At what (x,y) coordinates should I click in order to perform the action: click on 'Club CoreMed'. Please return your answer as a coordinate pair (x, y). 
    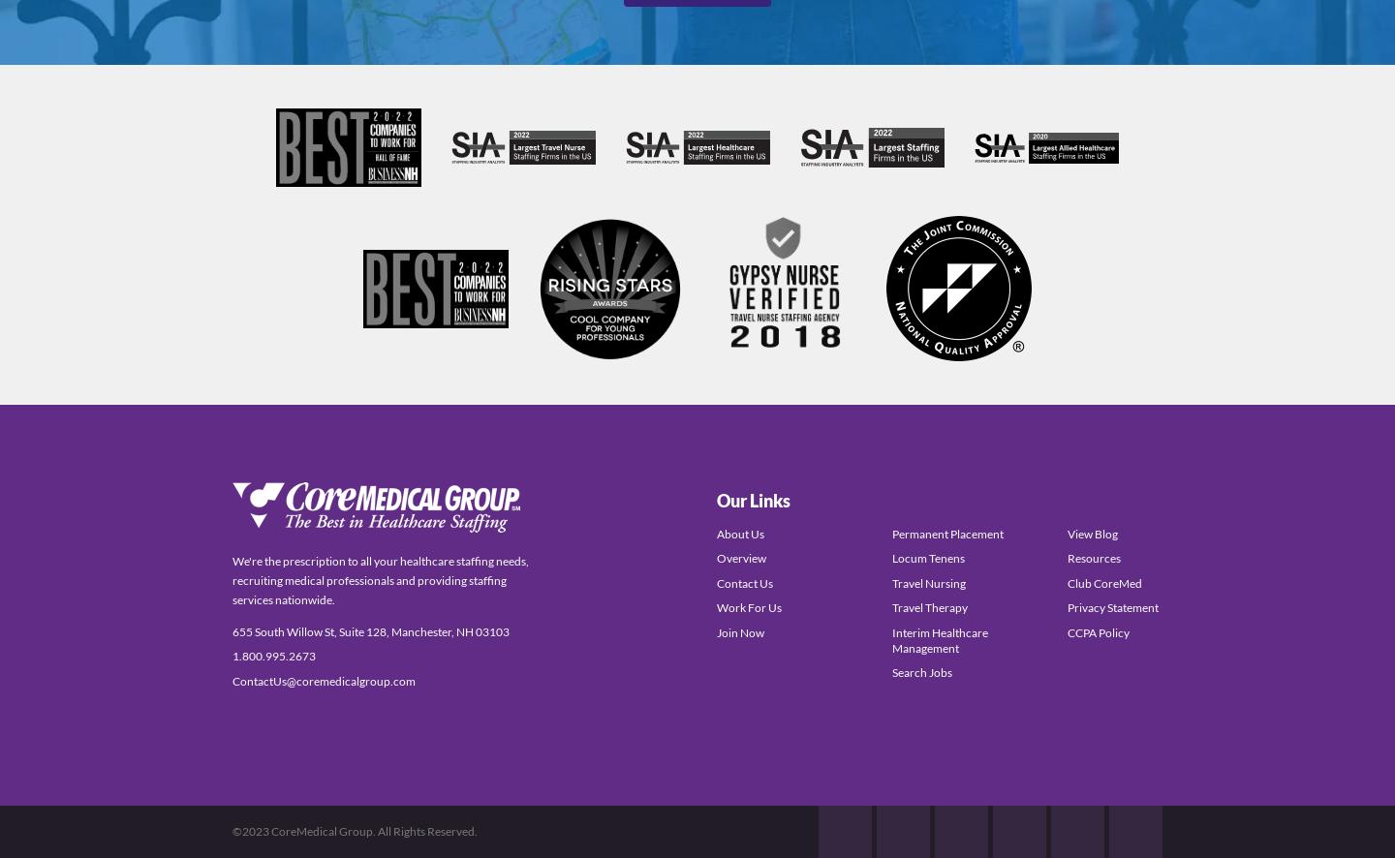
    Looking at the image, I should click on (1067, 581).